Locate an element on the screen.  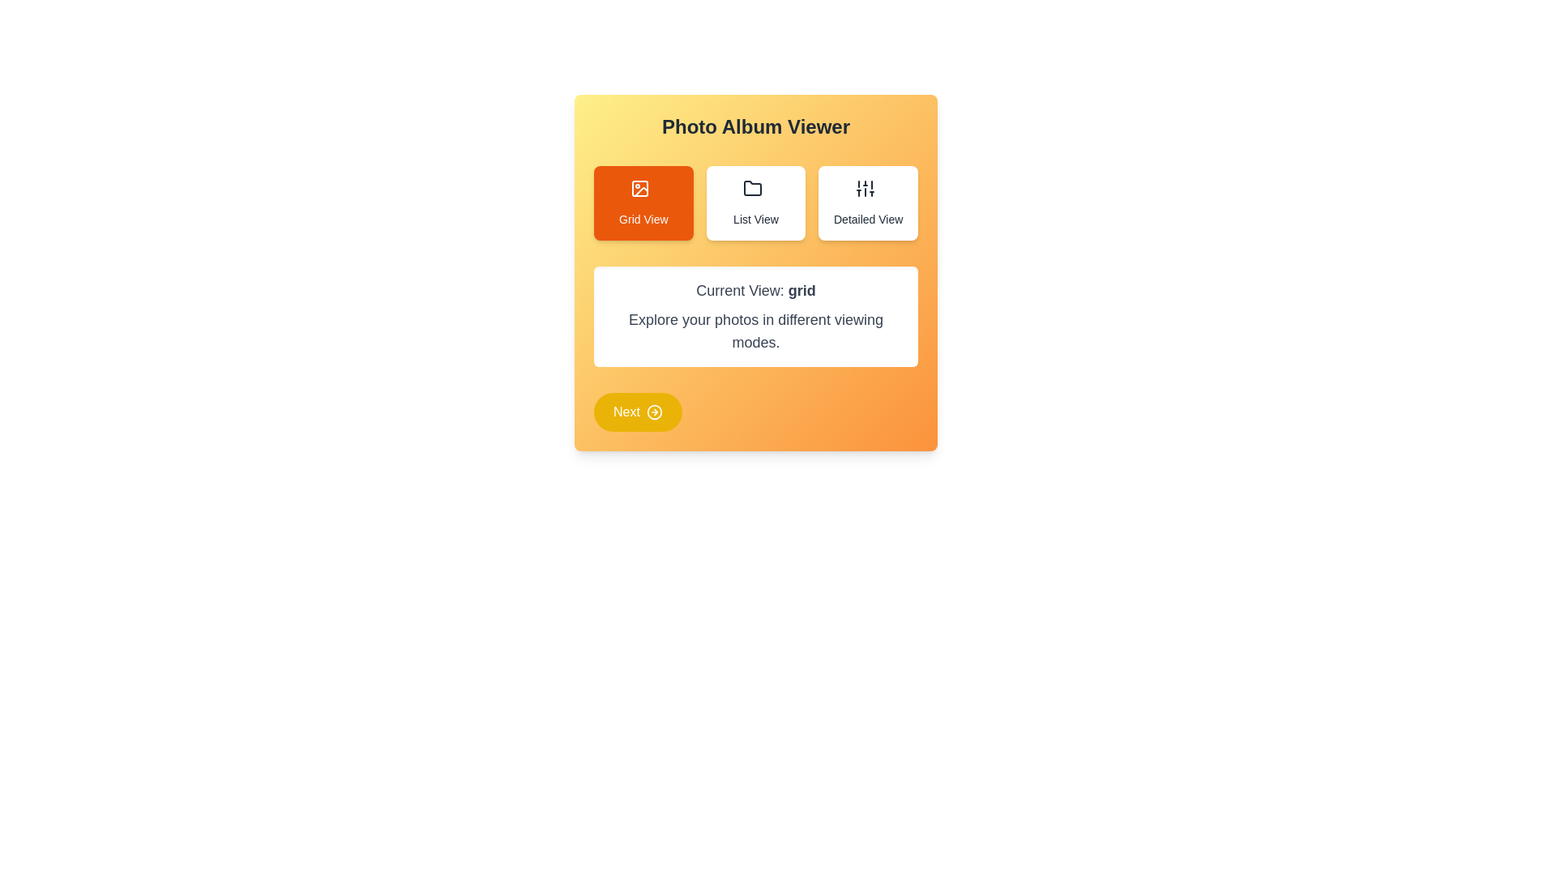
the folder-like icon located under the 'List View' section header is located at coordinates (754, 190).